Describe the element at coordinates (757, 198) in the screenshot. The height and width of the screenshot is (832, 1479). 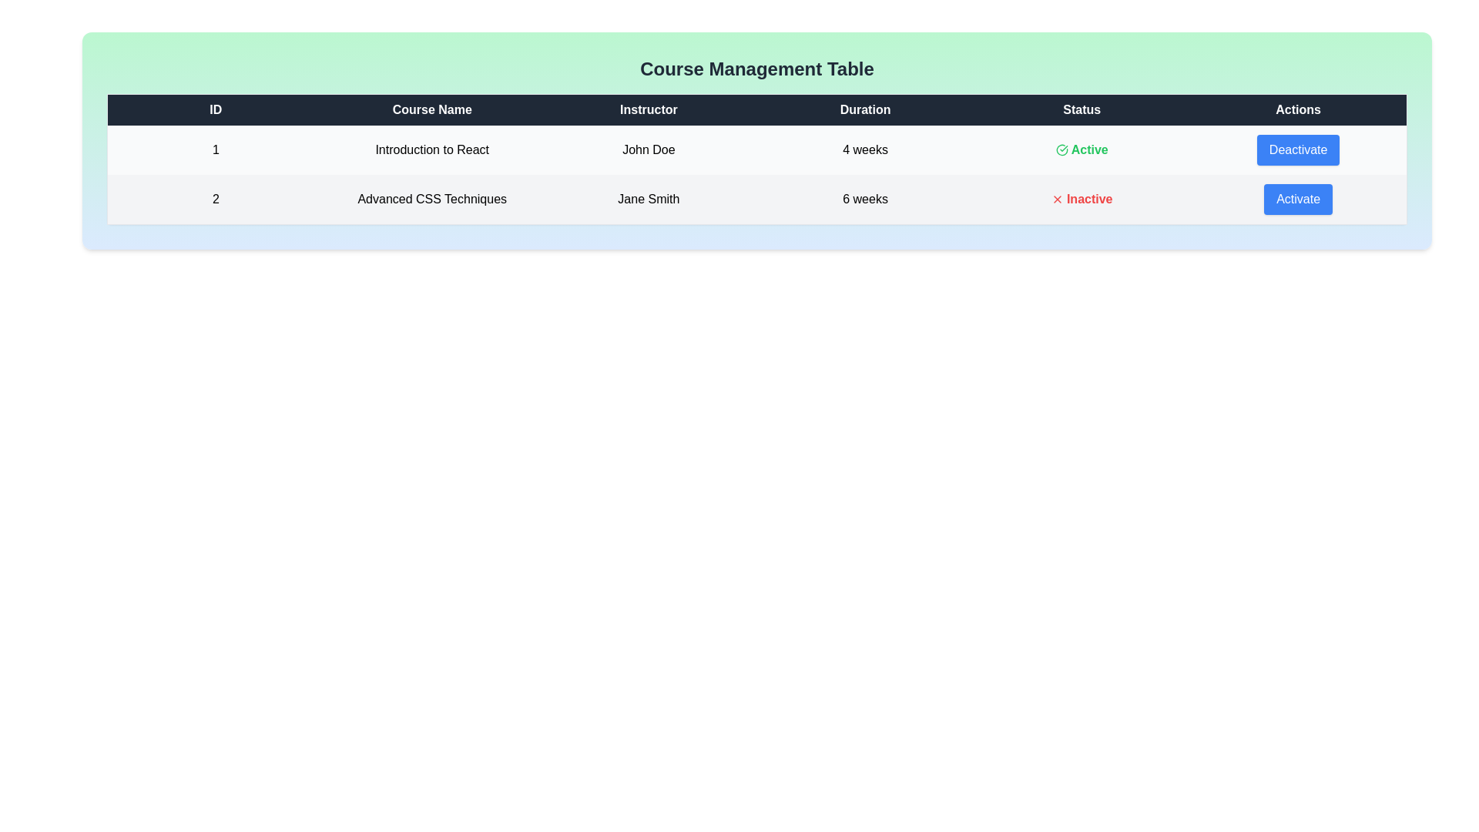
I see `the second row of the course details table, which contains 'ID' 2, 'Course Name' 'Advanced CSS Techniques', 'Instructor' 'Jane Smith', 'Duration' '6 weeks', 'Status' 'Inactive', and an 'Activate' button` at that location.